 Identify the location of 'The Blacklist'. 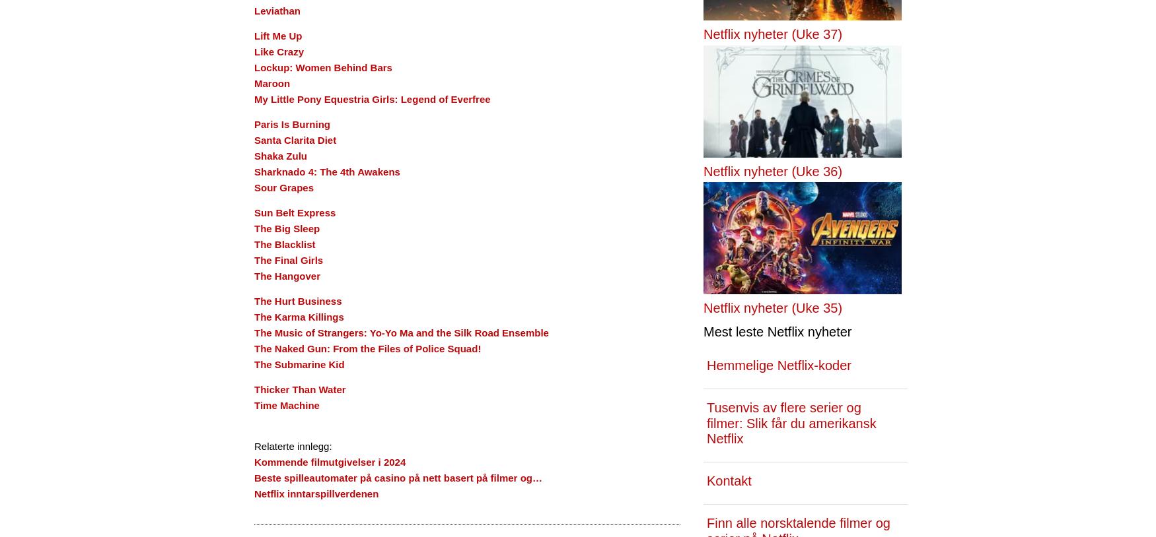
(284, 244).